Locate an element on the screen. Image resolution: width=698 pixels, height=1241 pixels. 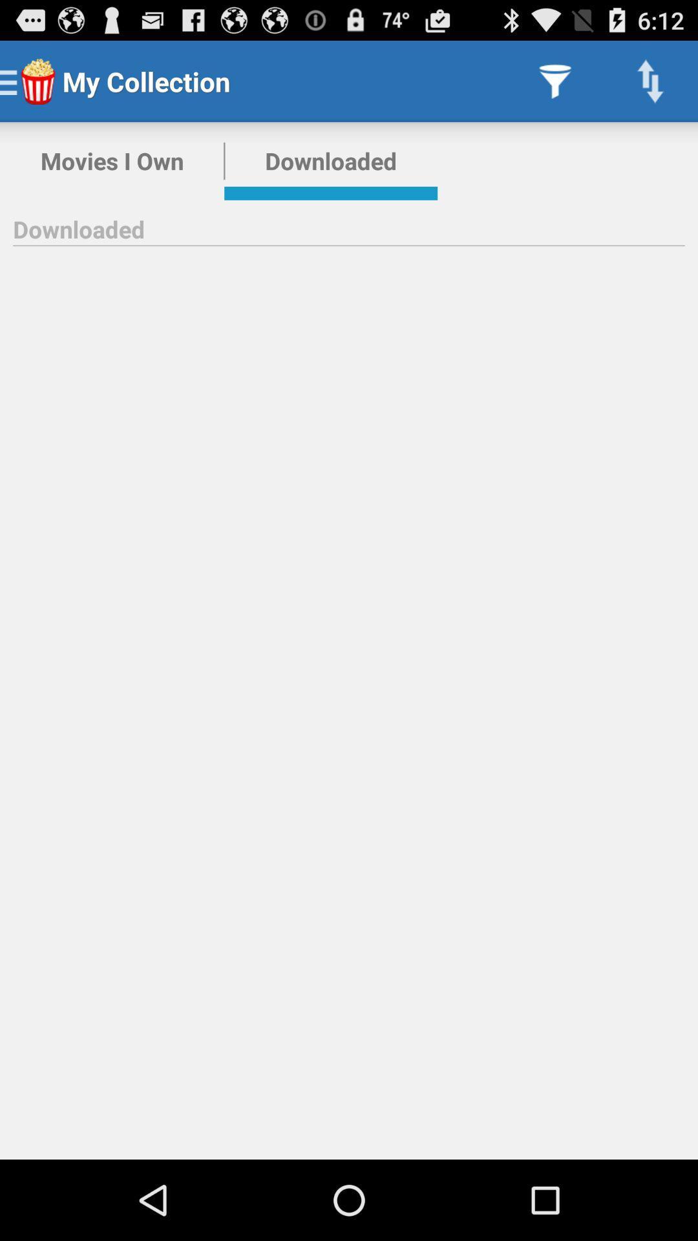
the downloaded icon is located at coordinates (330, 160).